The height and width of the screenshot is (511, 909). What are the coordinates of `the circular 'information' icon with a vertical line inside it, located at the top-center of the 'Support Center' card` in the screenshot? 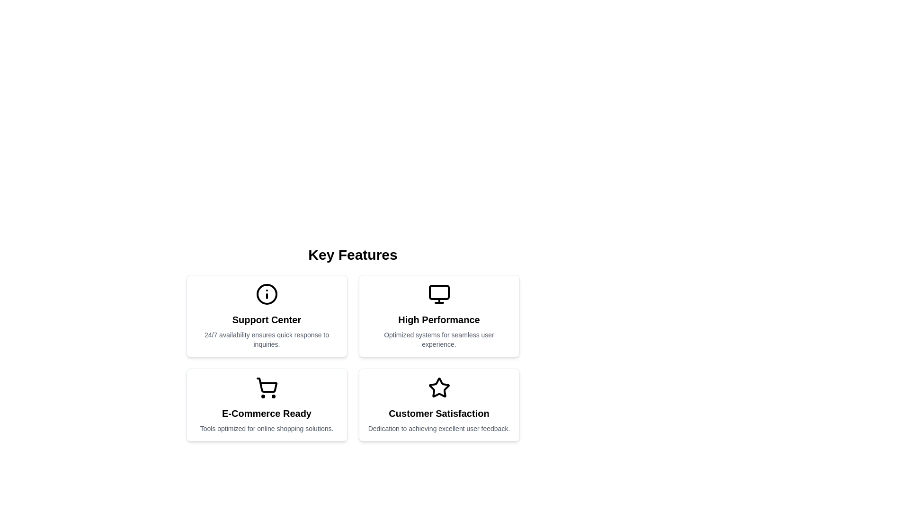 It's located at (266, 293).